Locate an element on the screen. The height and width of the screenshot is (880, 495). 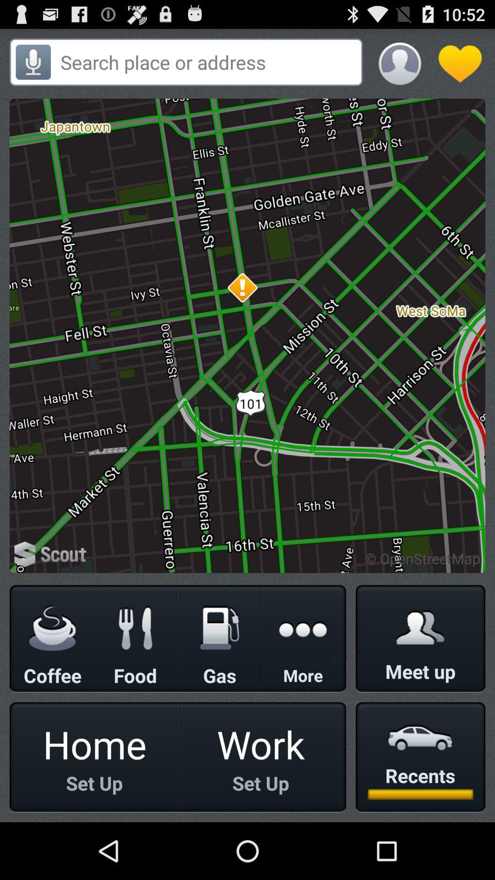
the icon which is above the food option is located at coordinates (136, 628).